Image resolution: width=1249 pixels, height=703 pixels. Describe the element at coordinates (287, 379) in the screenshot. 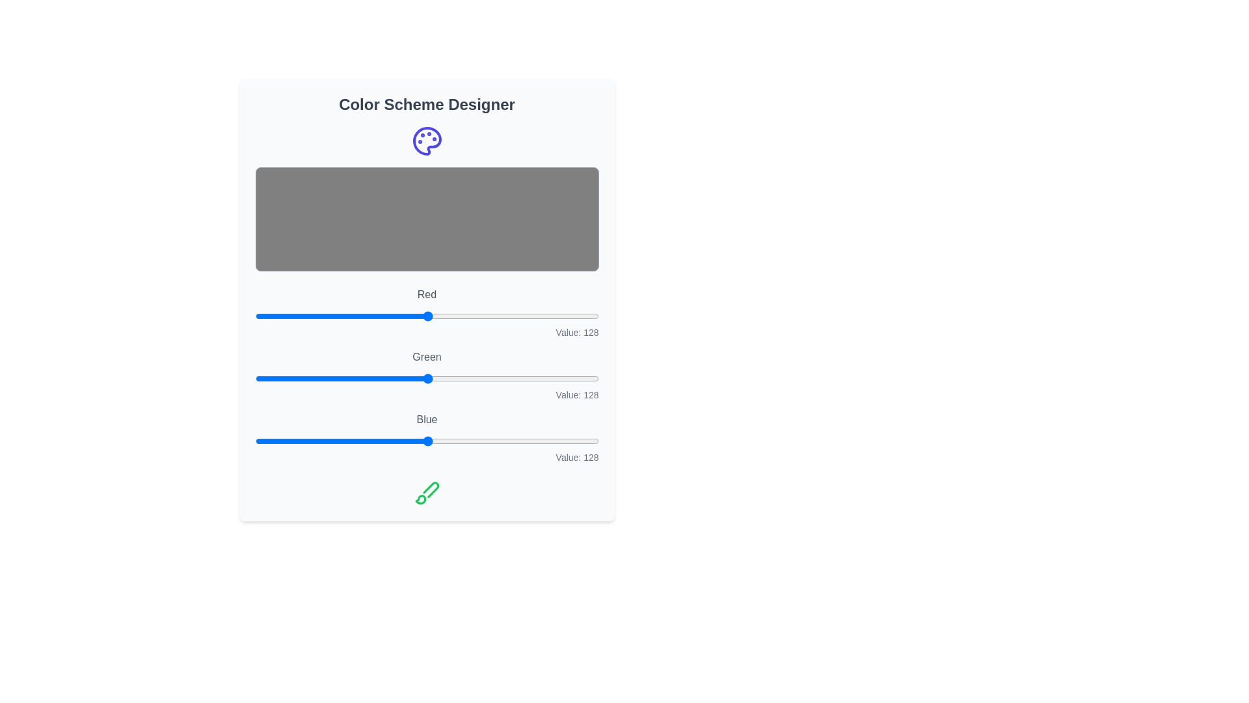

I see `the slider` at that location.